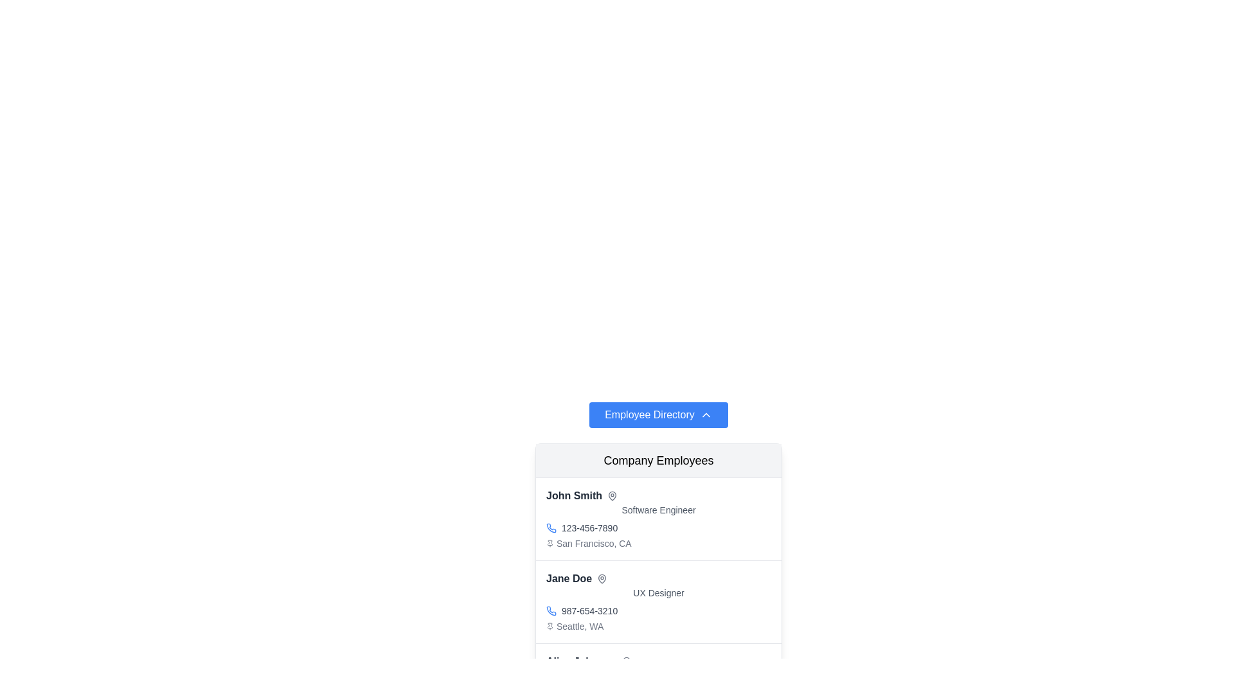 The image size is (1234, 694). What do you see at coordinates (551, 528) in the screenshot?
I see `the blue phone icon positioned to the left of the text '123-456-7890'` at bounding box center [551, 528].